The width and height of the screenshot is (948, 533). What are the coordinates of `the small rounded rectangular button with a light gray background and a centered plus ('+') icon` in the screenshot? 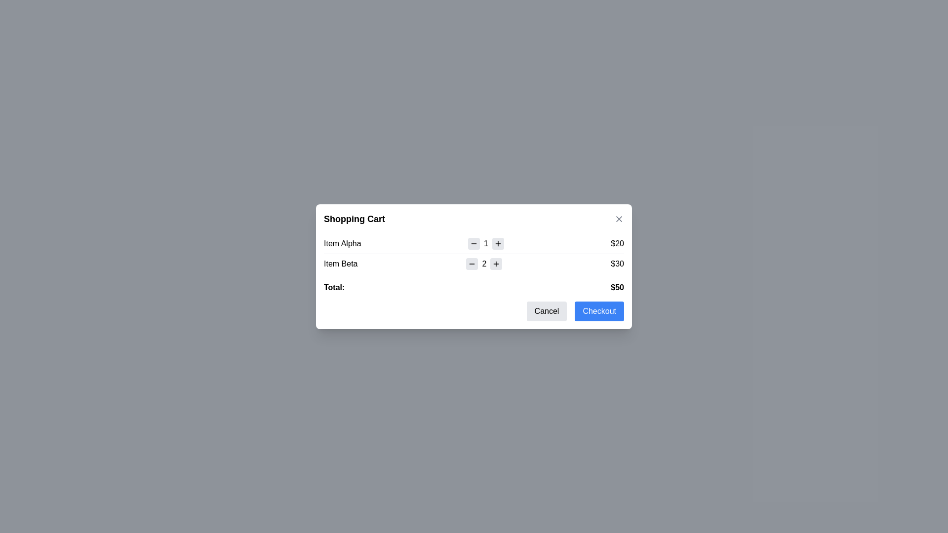 It's located at (498, 243).